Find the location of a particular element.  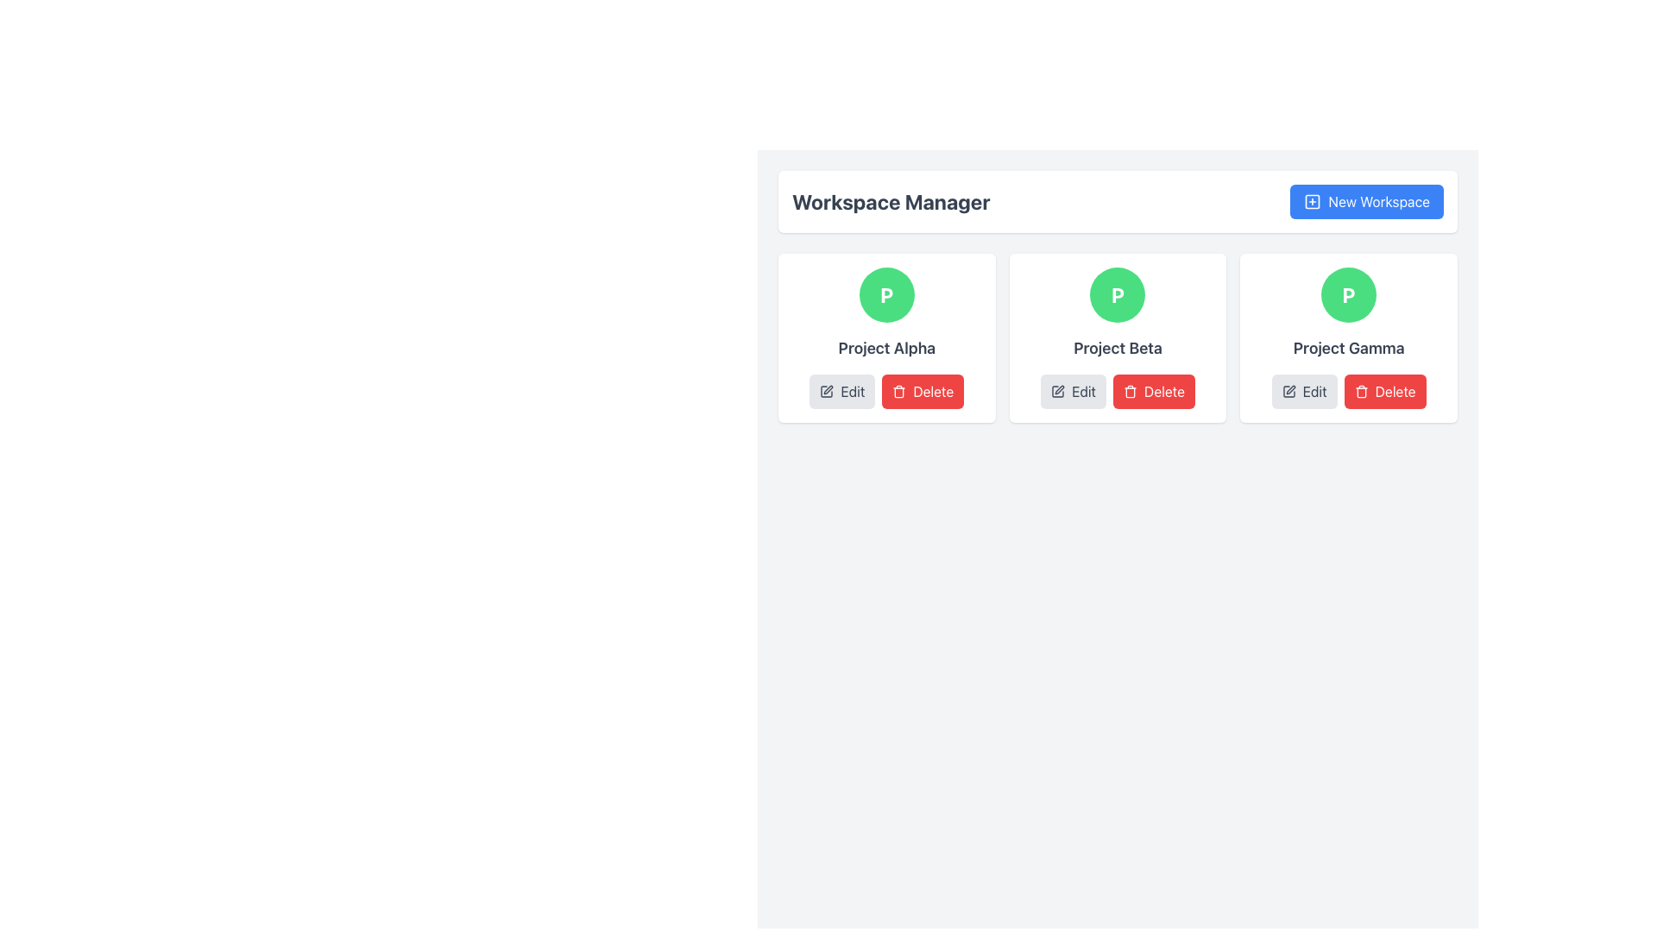

the pen icon inside the 'Edit' button, which is part of the third project card in the workspace manager grid is located at coordinates (1288, 392).